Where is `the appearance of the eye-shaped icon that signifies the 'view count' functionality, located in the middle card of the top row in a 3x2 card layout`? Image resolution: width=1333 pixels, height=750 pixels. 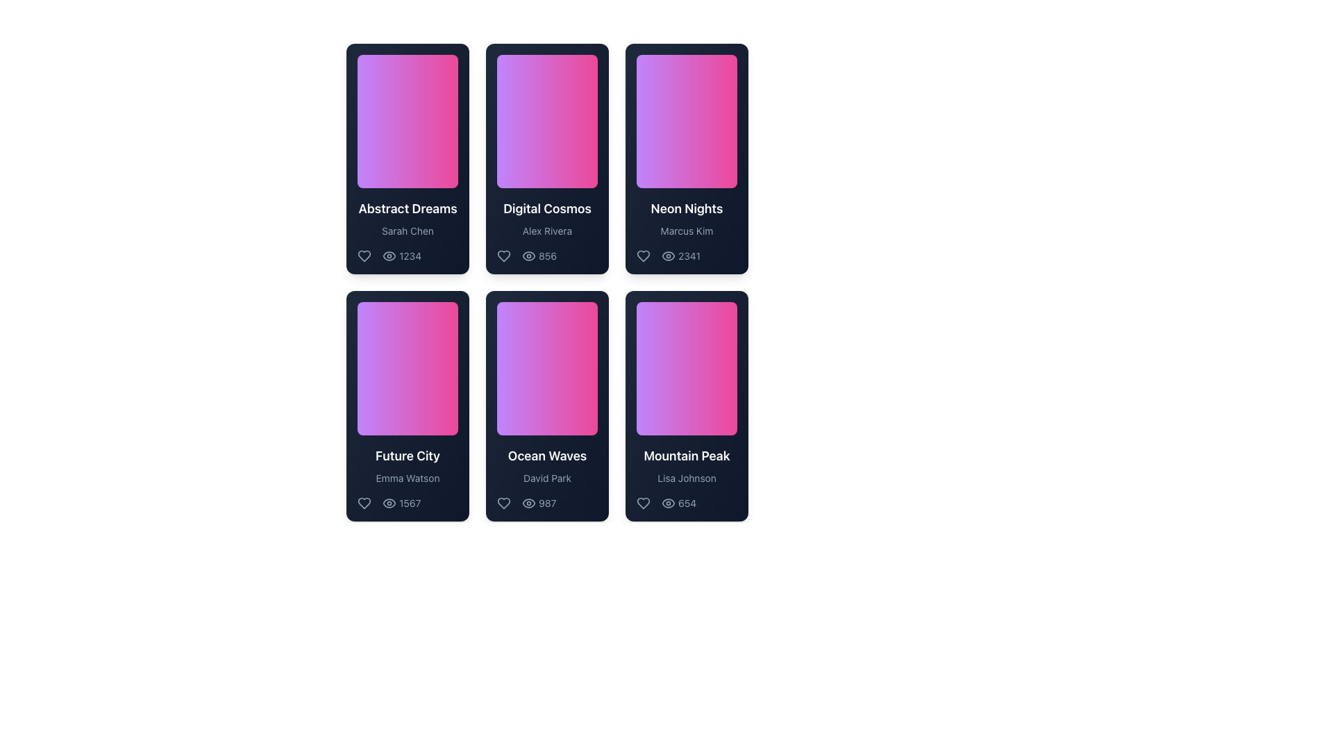 the appearance of the eye-shaped icon that signifies the 'view count' functionality, located in the middle card of the top row in a 3x2 card layout is located at coordinates (528, 256).